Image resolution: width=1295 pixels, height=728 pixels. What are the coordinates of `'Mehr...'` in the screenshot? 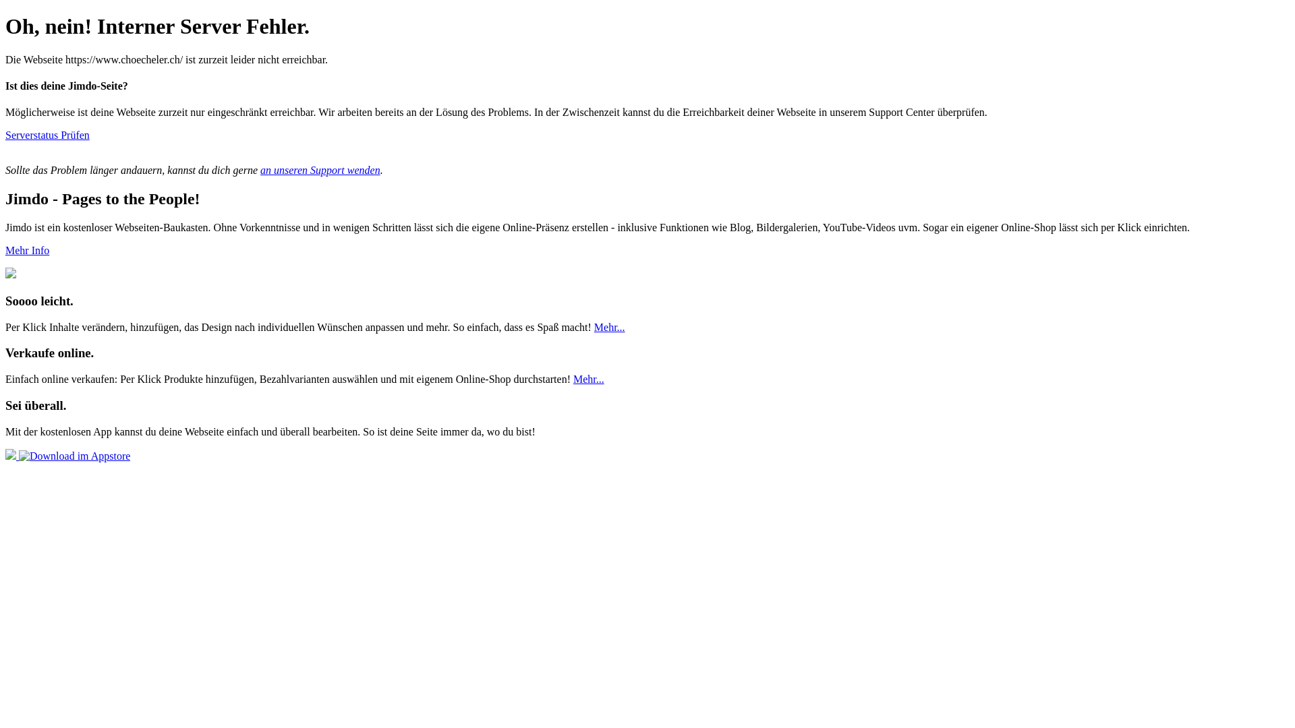 It's located at (608, 327).